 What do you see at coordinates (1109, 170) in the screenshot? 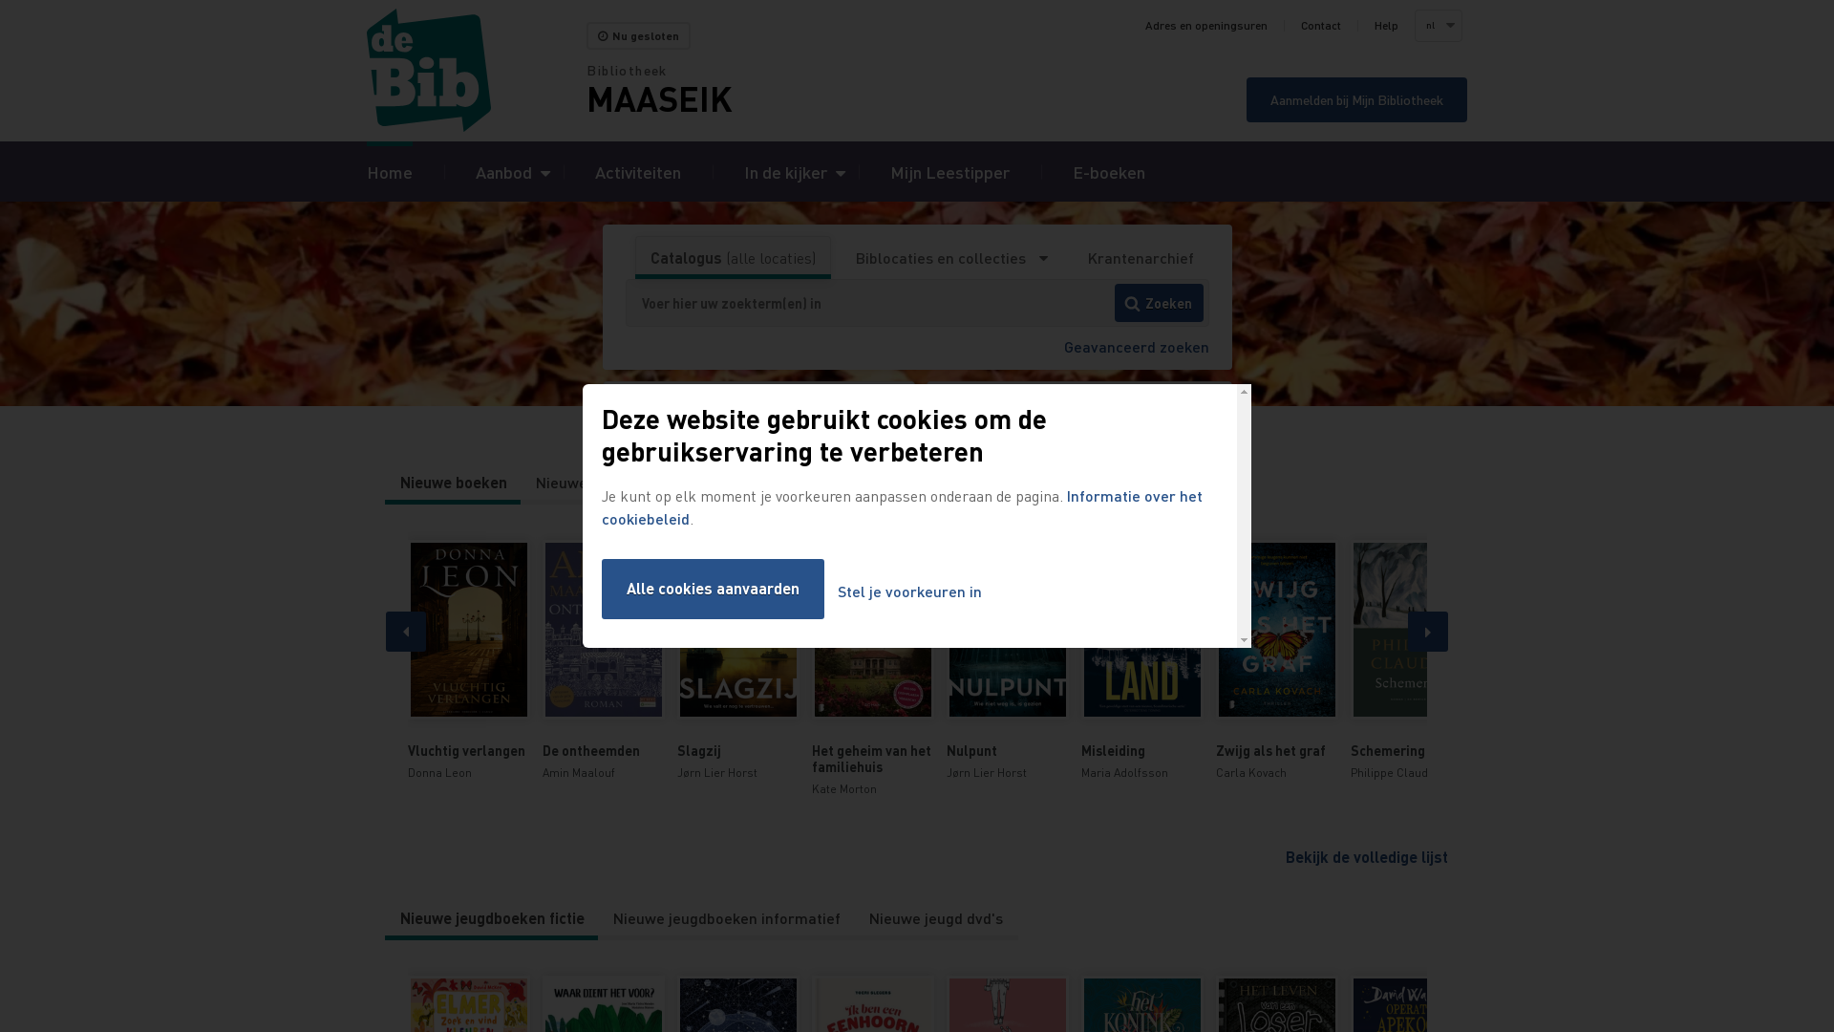
I see `'E-boeken'` at bounding box center [1109, 170].